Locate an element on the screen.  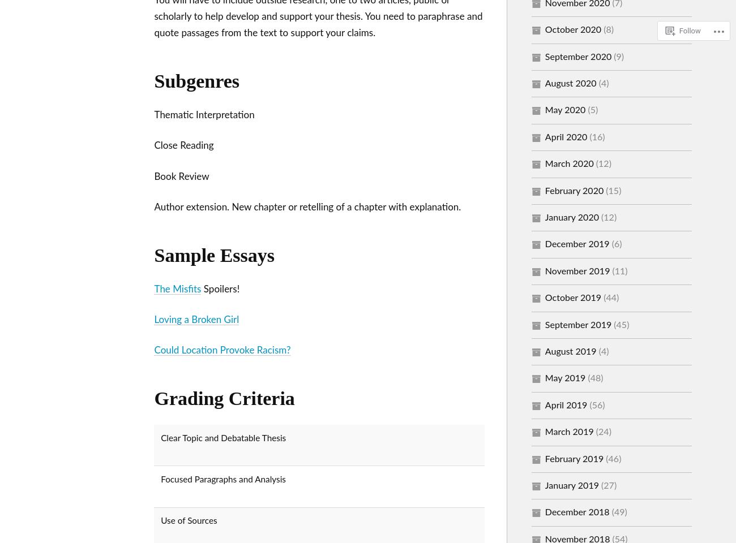
'August 2019' is located at coordinates (570, 351).